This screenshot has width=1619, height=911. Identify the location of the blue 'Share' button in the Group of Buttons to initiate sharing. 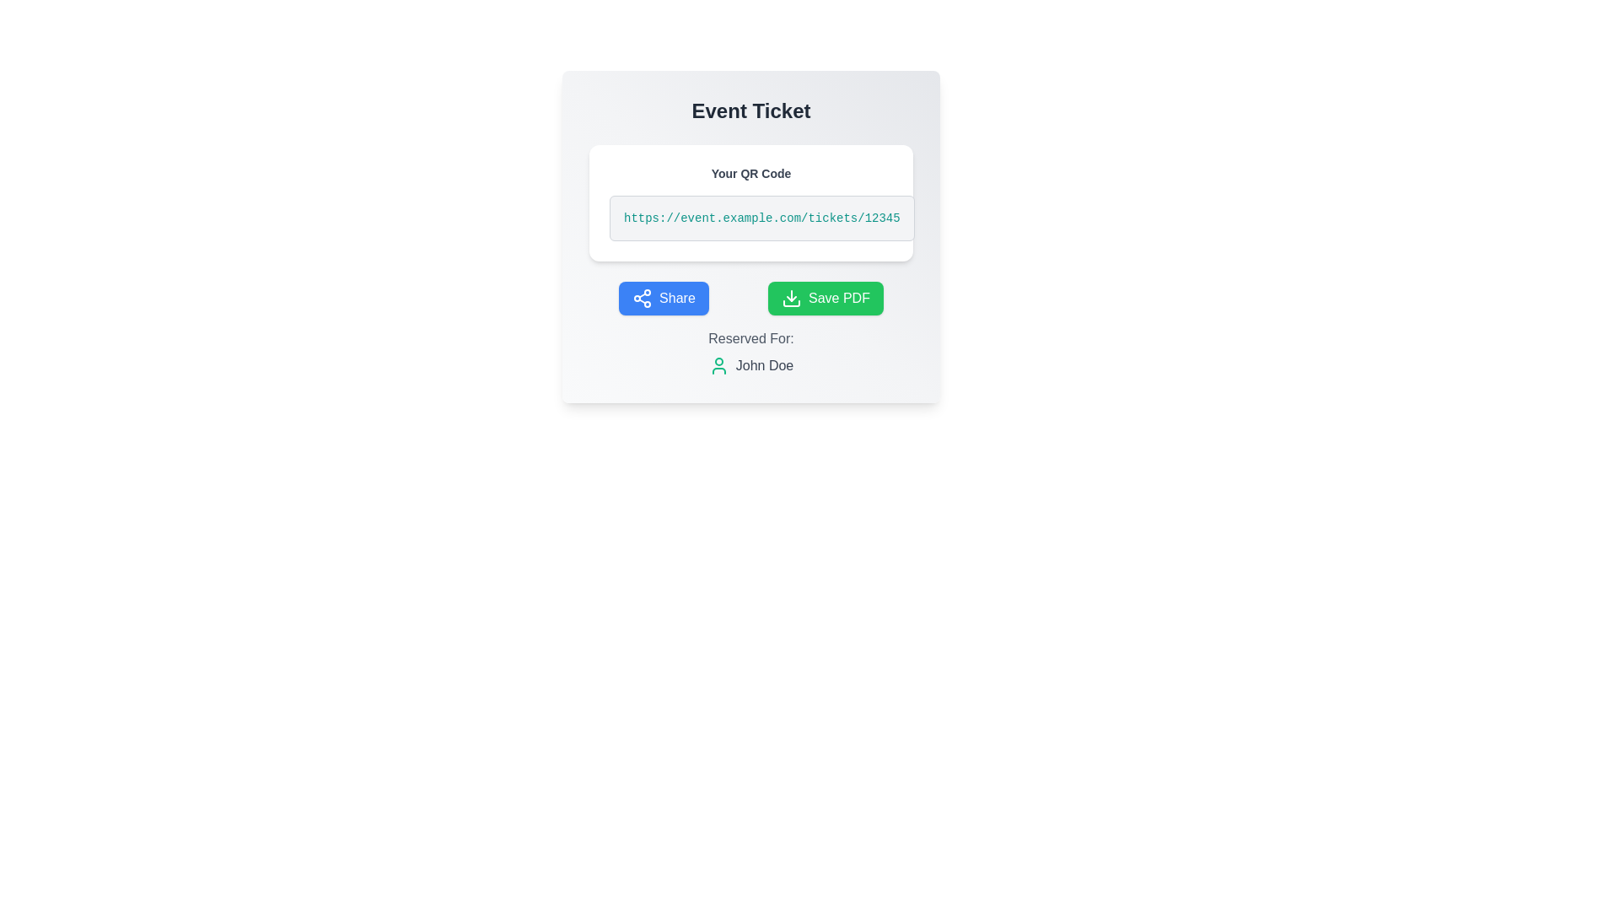
(750, 298).